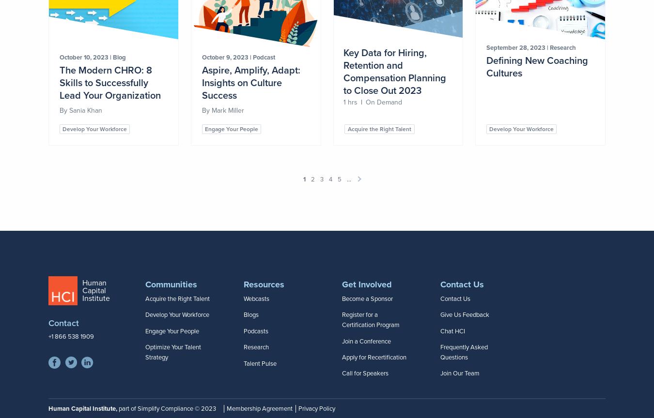  Describe the element at coordinates (342, 357) in the screenshot. I see `'Apply for Recertification'` at that location.